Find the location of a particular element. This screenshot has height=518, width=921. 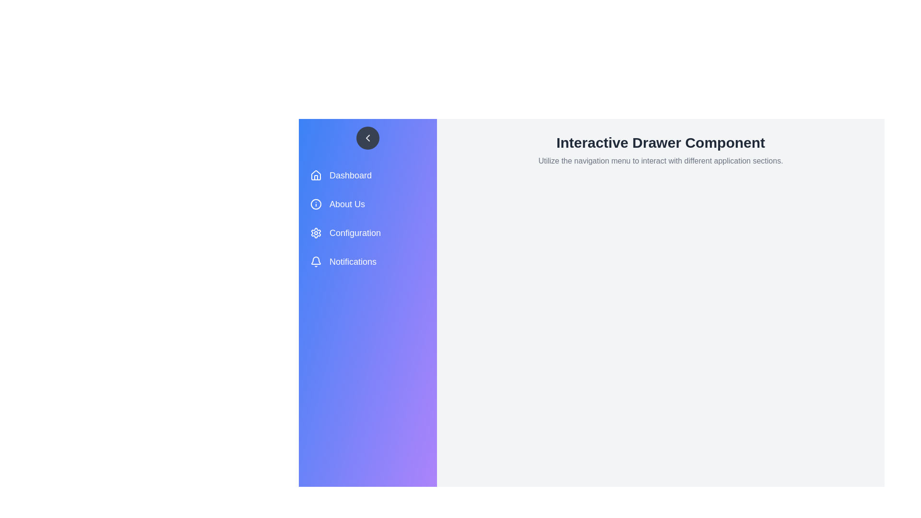

the 'Configuration' navigation menu item, which is the third entry in the vertical sidebar and features a gear icon is located at coordinates (371, 233).